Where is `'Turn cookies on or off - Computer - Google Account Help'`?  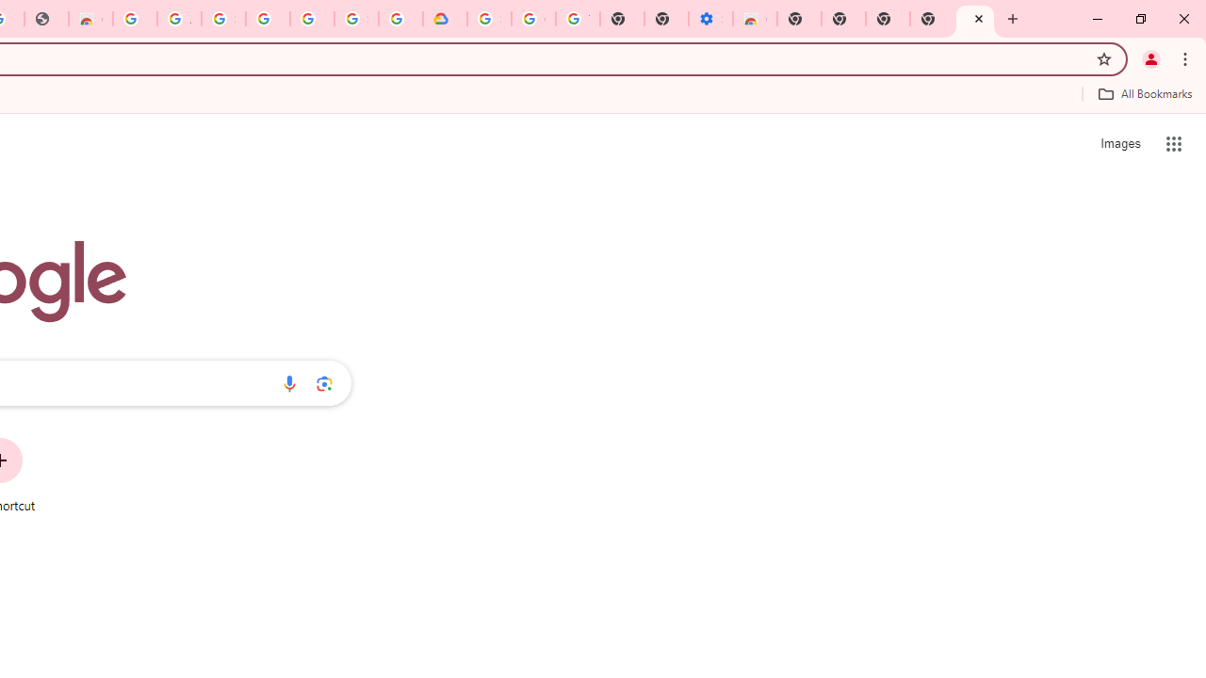
'Turn cookies on or off - Computer - Google Account Help' is located at coordinates (577, 19).